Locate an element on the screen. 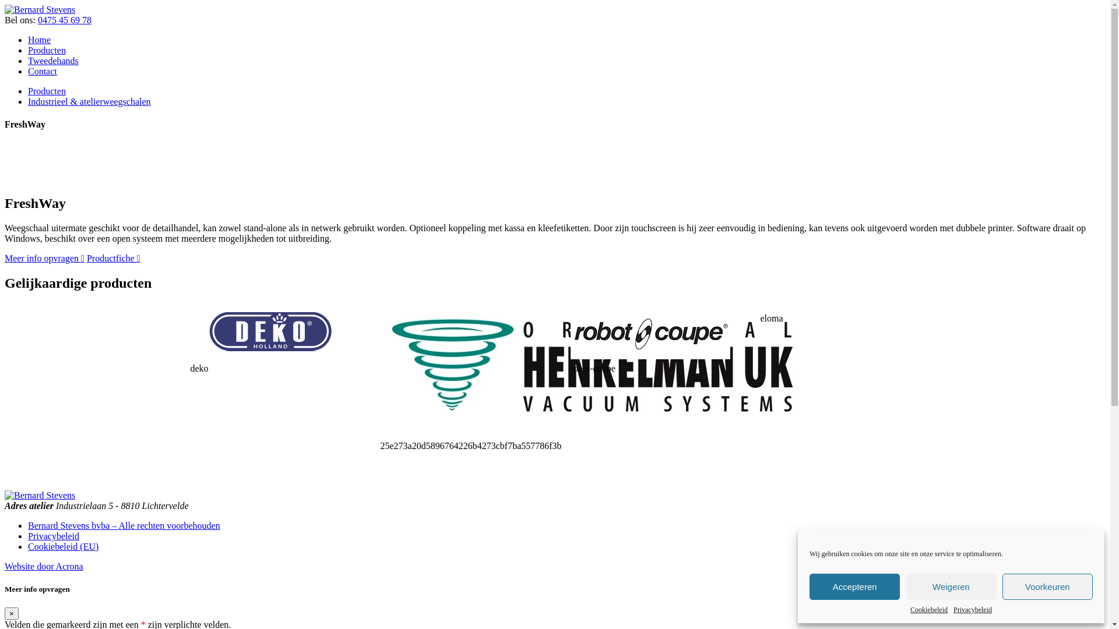 This screenshot has width=1119, height=629. 'Accepteren' is located at coordinates (854, 586).